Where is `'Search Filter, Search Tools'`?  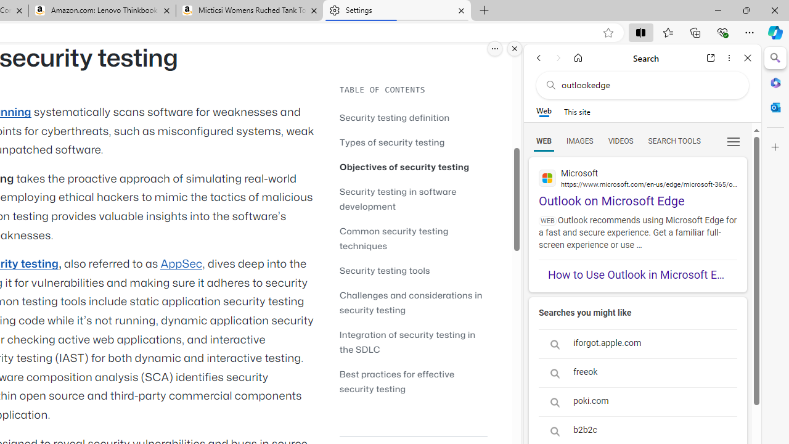 'Search Filter, Search Tools' is located at coordinates (673, 140).